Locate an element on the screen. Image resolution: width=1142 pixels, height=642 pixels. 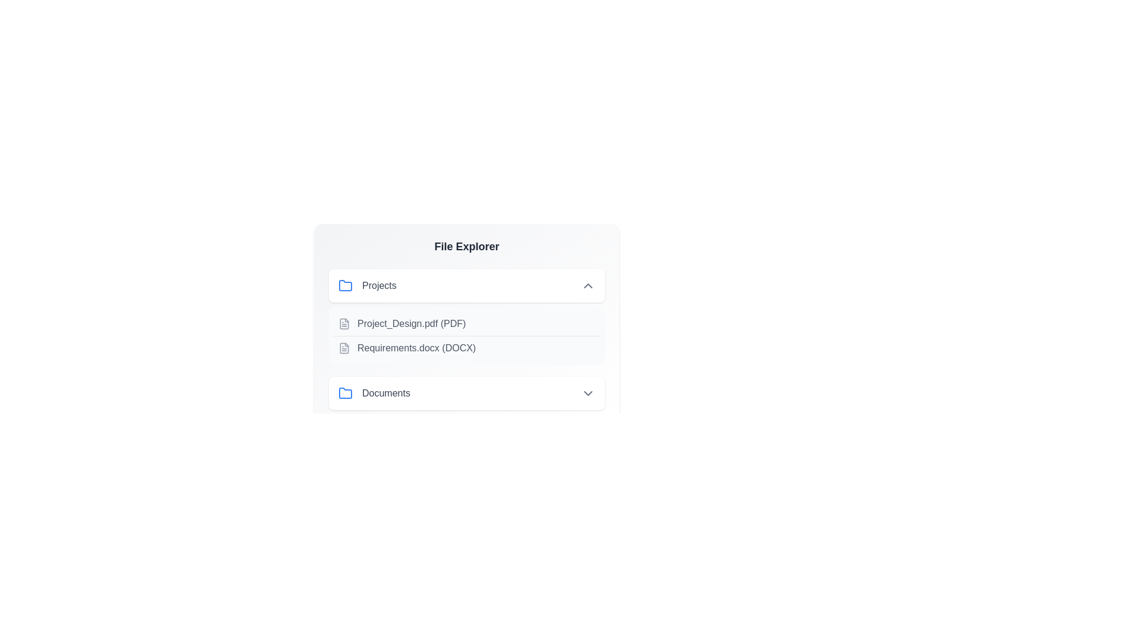
the file with the name Project_Design.pdf in the directory is located at coordinates (466, 324).